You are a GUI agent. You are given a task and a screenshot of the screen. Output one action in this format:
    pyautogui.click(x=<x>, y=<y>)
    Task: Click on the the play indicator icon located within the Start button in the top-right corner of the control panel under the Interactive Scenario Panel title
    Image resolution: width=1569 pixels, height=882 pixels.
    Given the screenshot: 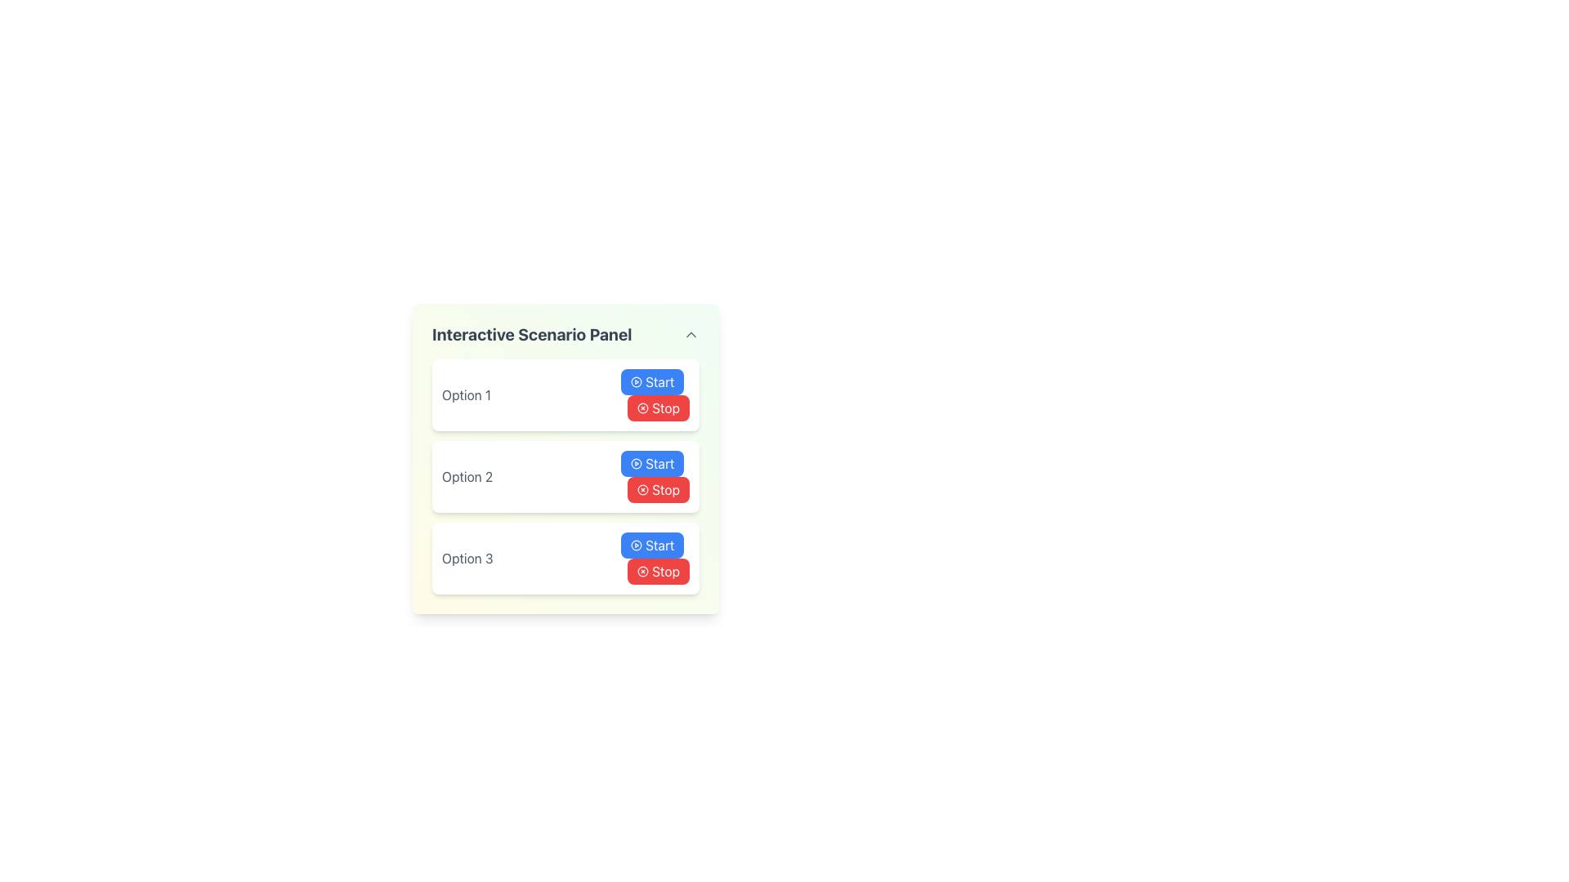 What is the action you would take?
    pyautogui.click(x=636, y=381)
    